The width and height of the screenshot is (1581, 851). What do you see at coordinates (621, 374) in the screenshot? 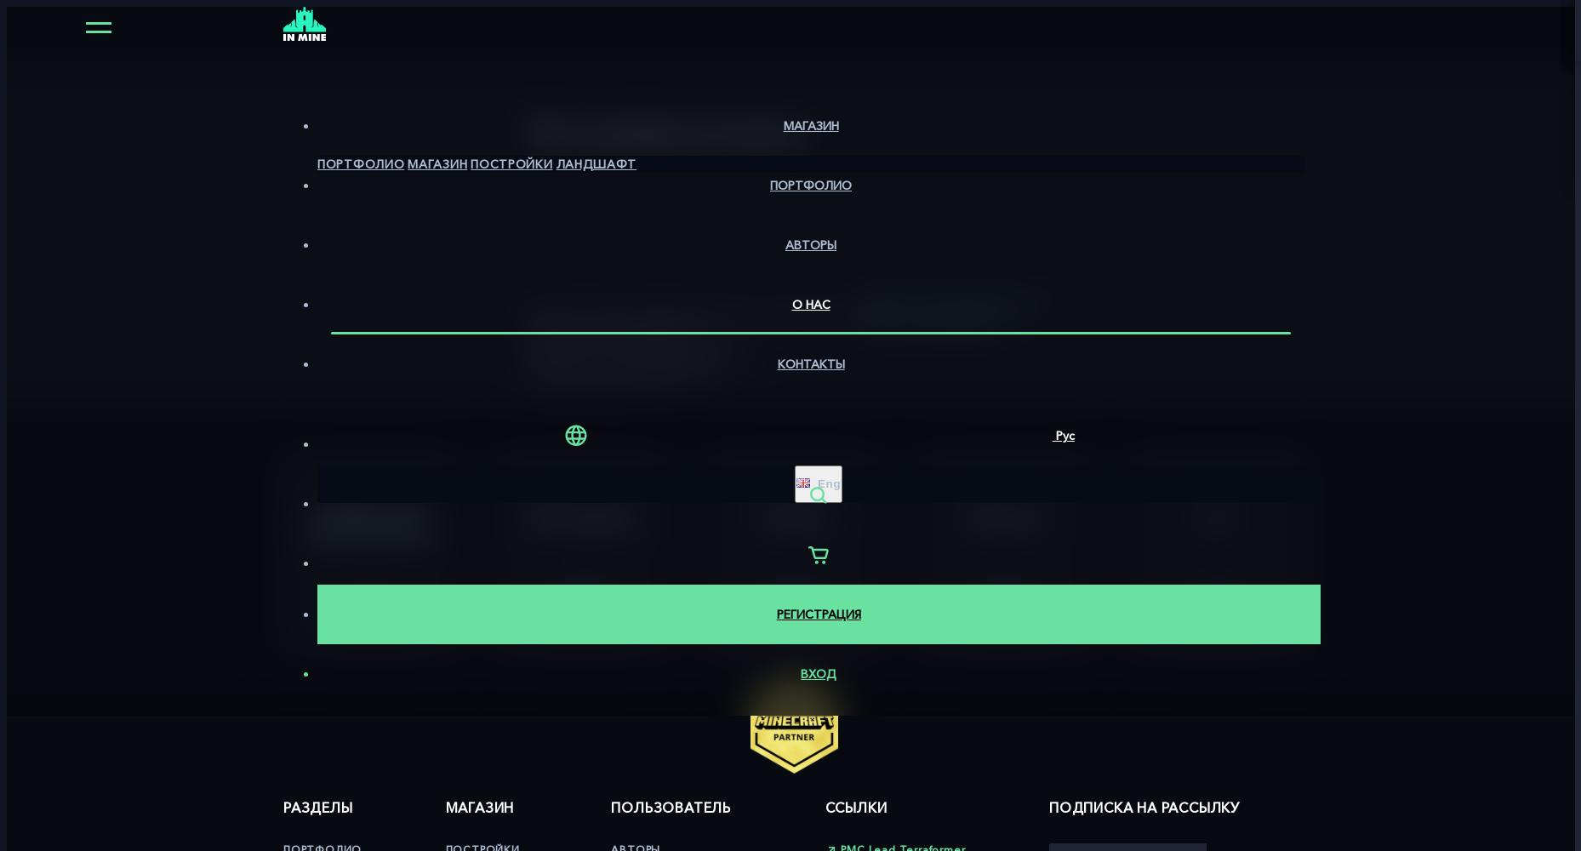
I see `'Наша команда сделает это.'` at bounding box center [621, 374].